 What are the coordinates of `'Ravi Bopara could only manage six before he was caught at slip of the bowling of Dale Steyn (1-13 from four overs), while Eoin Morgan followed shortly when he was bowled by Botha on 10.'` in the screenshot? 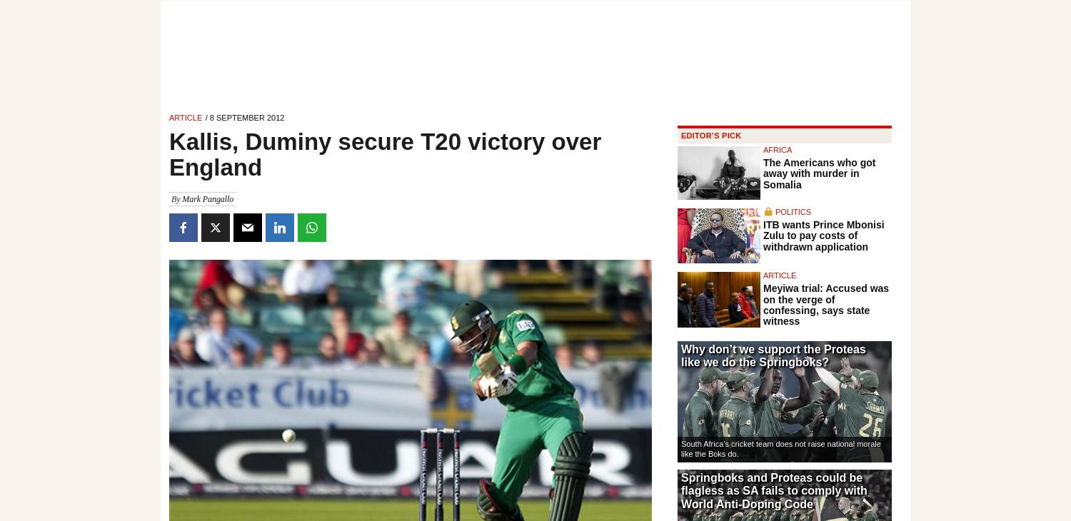 It's located at (404, 270).